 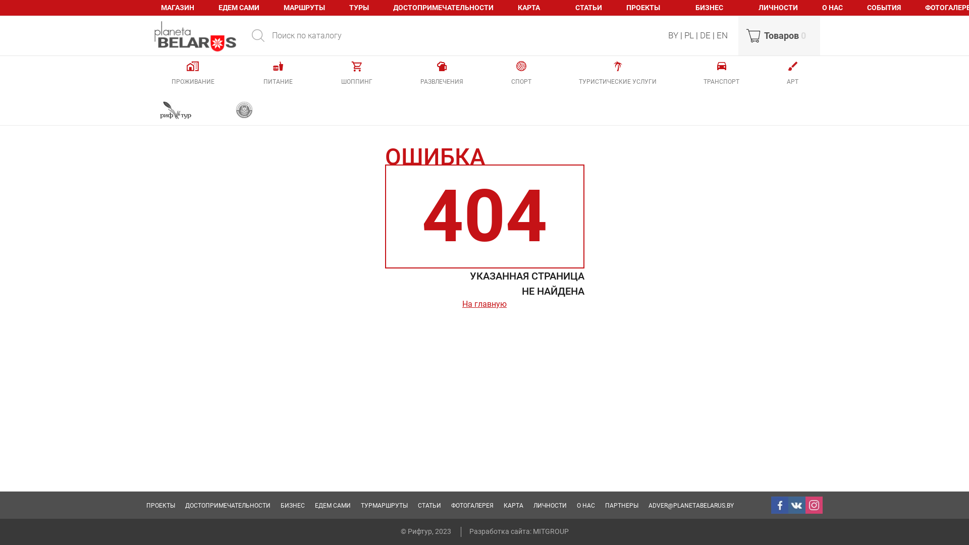 What do you see at coordinates (673, 34) in the screenshot?
I see `'BY'` at bounding box center [673, 34].